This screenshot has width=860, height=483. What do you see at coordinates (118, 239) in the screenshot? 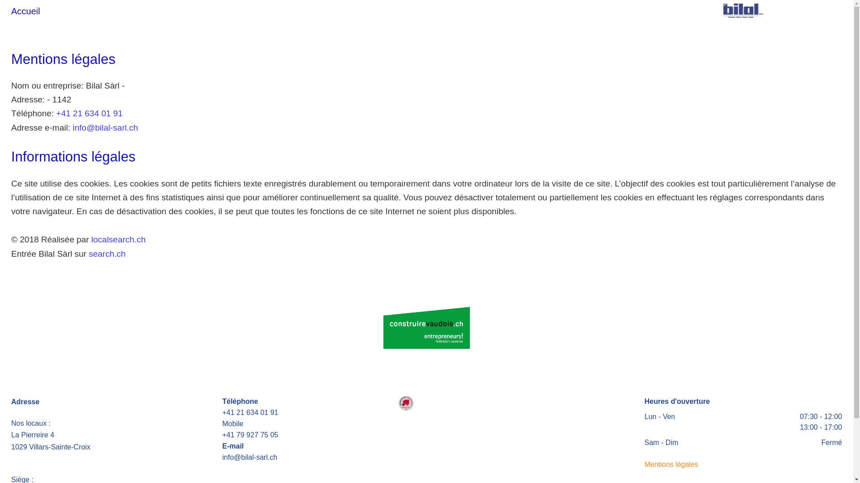
I see `'localsearch.ch'` at bounding box center [118, 239].